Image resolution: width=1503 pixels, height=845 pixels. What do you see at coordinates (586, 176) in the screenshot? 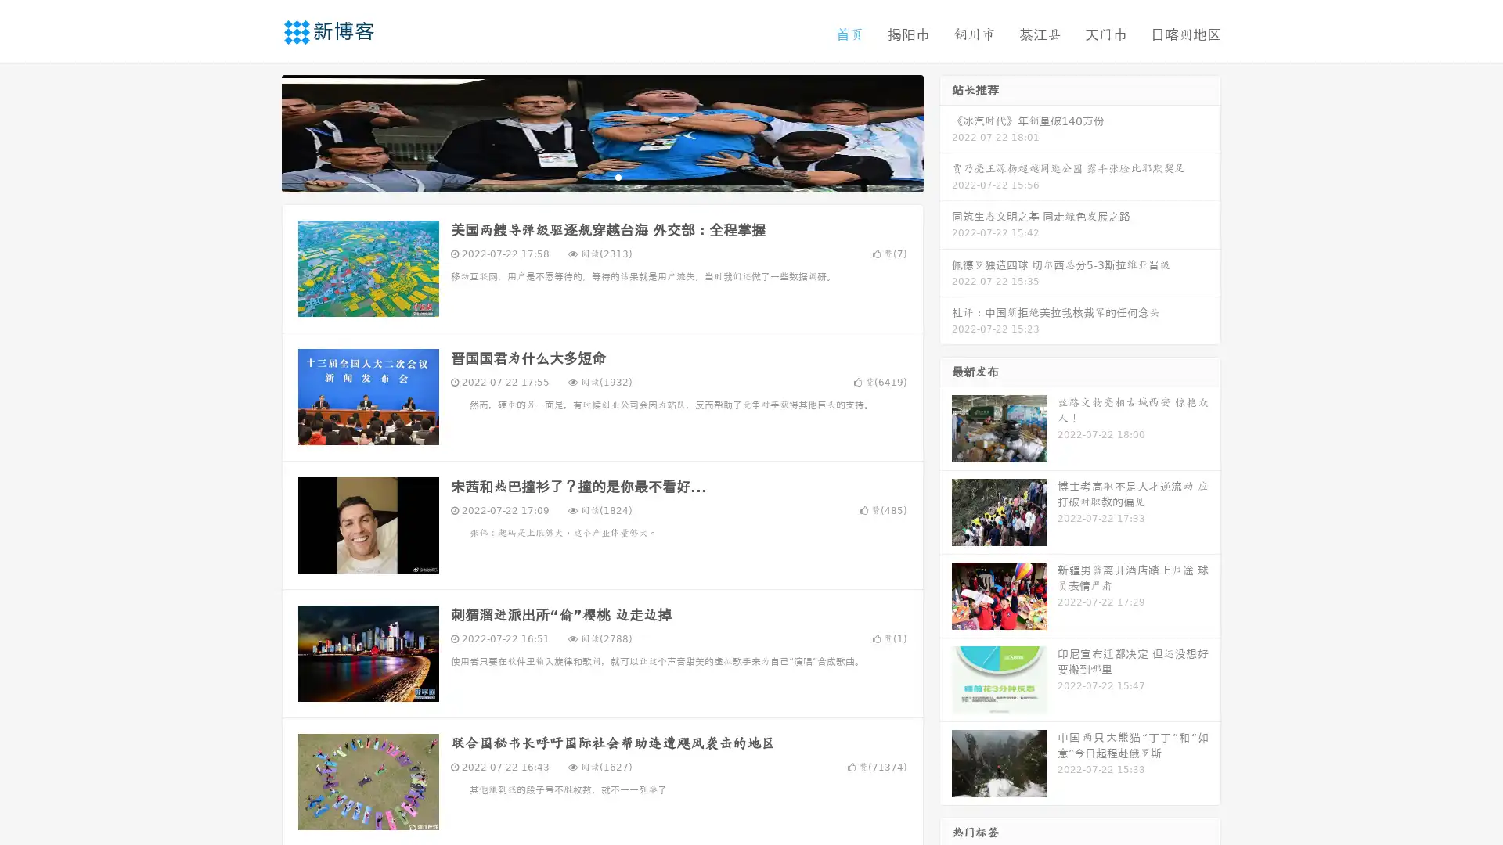
I see `Go to slide 1` at bounding box center [586, 176].